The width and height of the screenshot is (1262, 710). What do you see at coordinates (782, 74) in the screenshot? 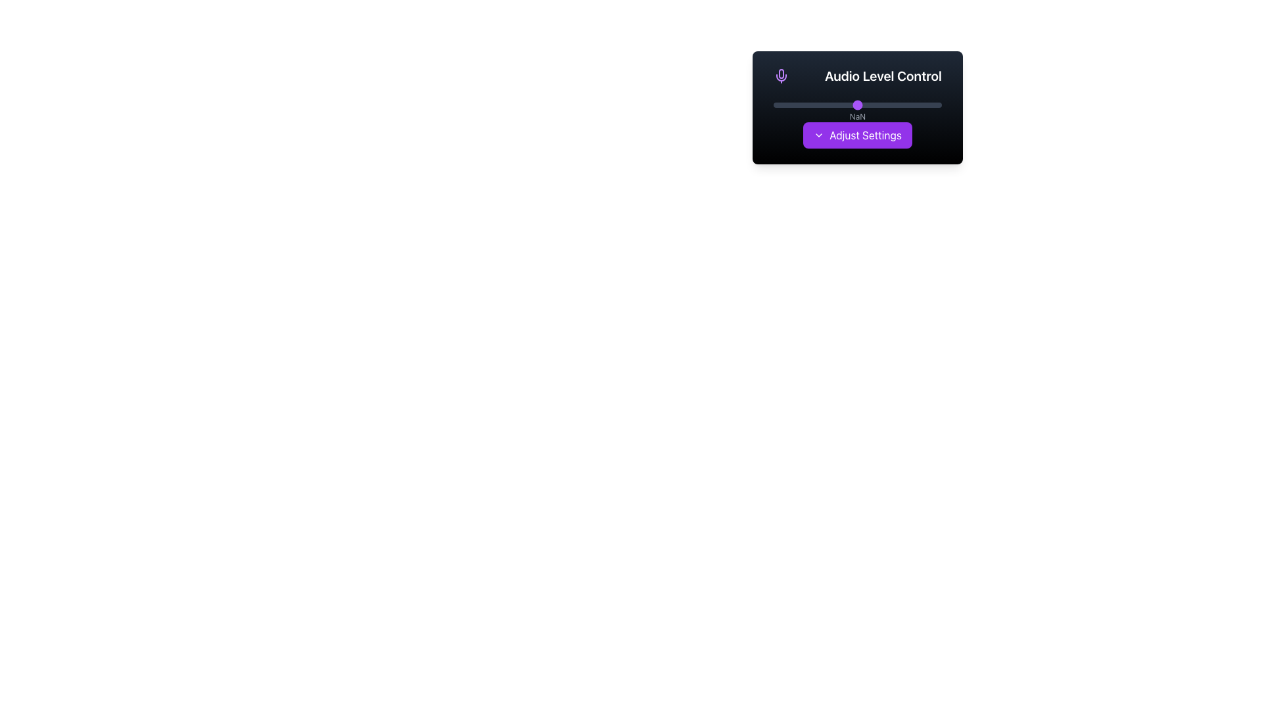
I see `the microphone icon located in the top-left part of the 'Audio Level Control' card` at bounding box center [782, 74].